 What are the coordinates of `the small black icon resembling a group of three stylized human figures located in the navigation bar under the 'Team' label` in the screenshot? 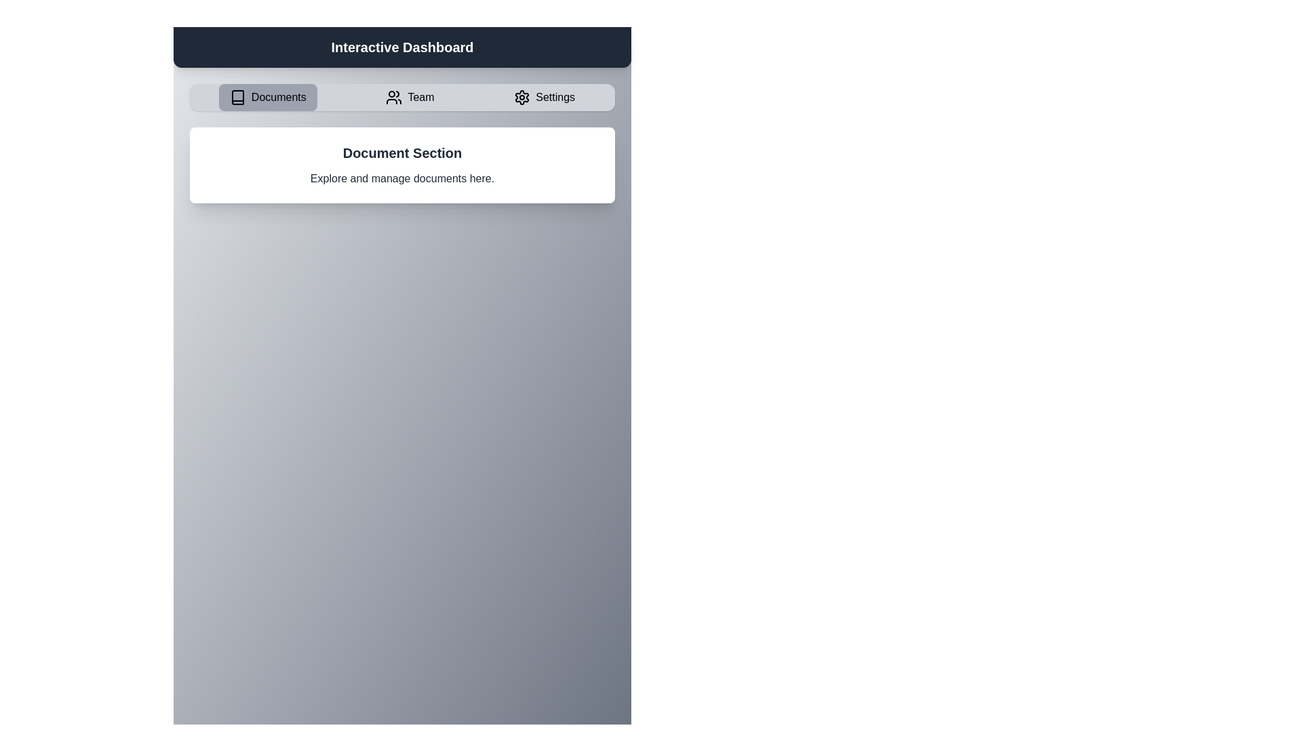 It's located at (393, 96).